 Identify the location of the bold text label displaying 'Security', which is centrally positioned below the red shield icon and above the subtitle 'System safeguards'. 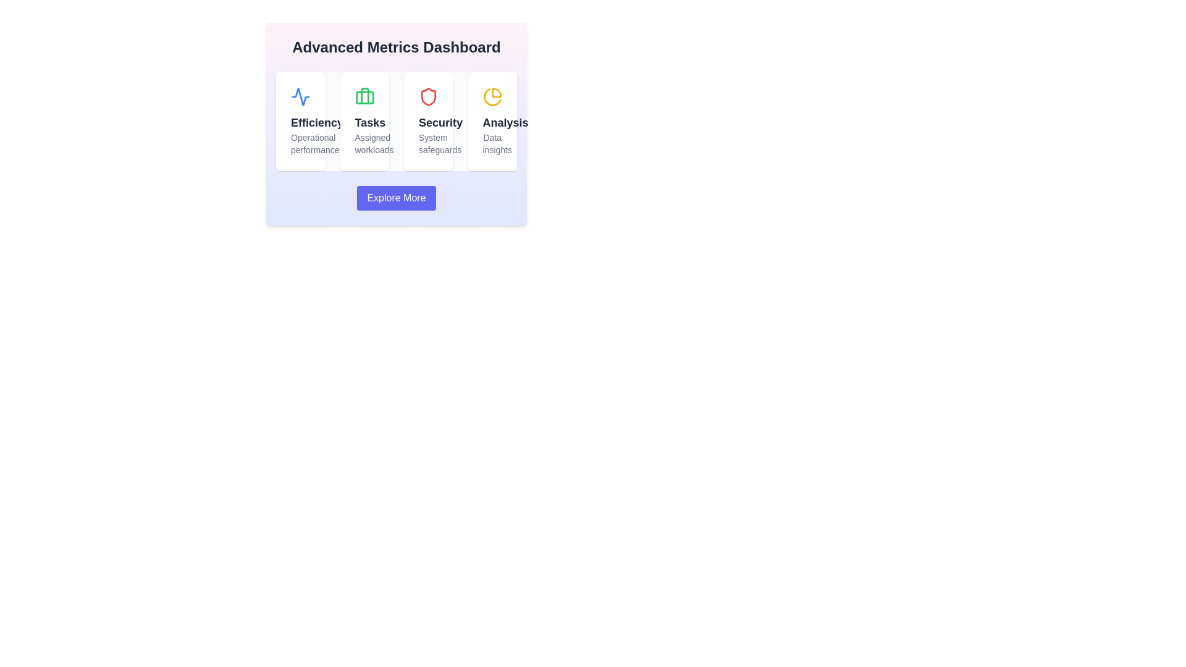
(428, 123).